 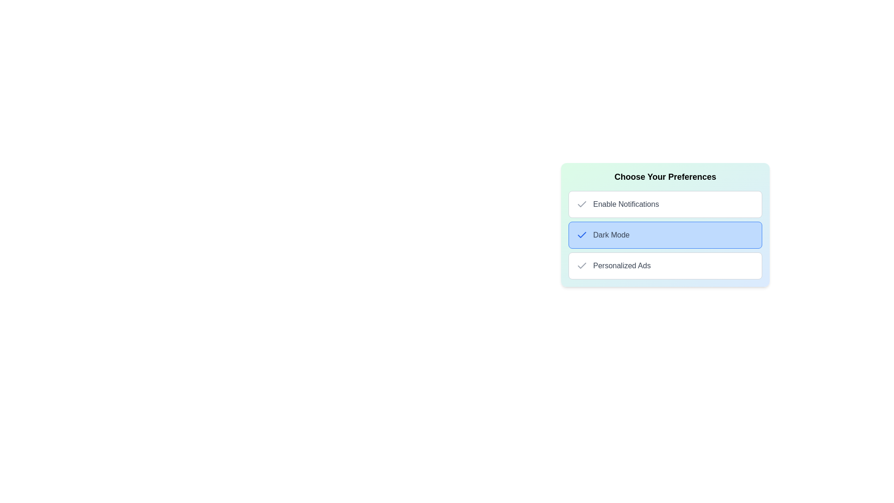 I want to click on the 'Enable Notifications' label, which is a gray textual label adjacent to a checked state icon, located within a rectangular box in the first row of a list of optional features, so click(x=626, y=204).